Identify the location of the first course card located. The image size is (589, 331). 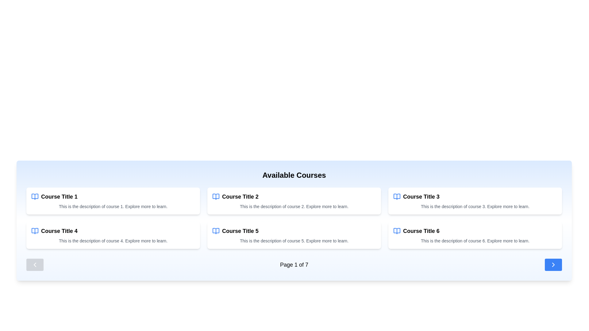
(113, 201).